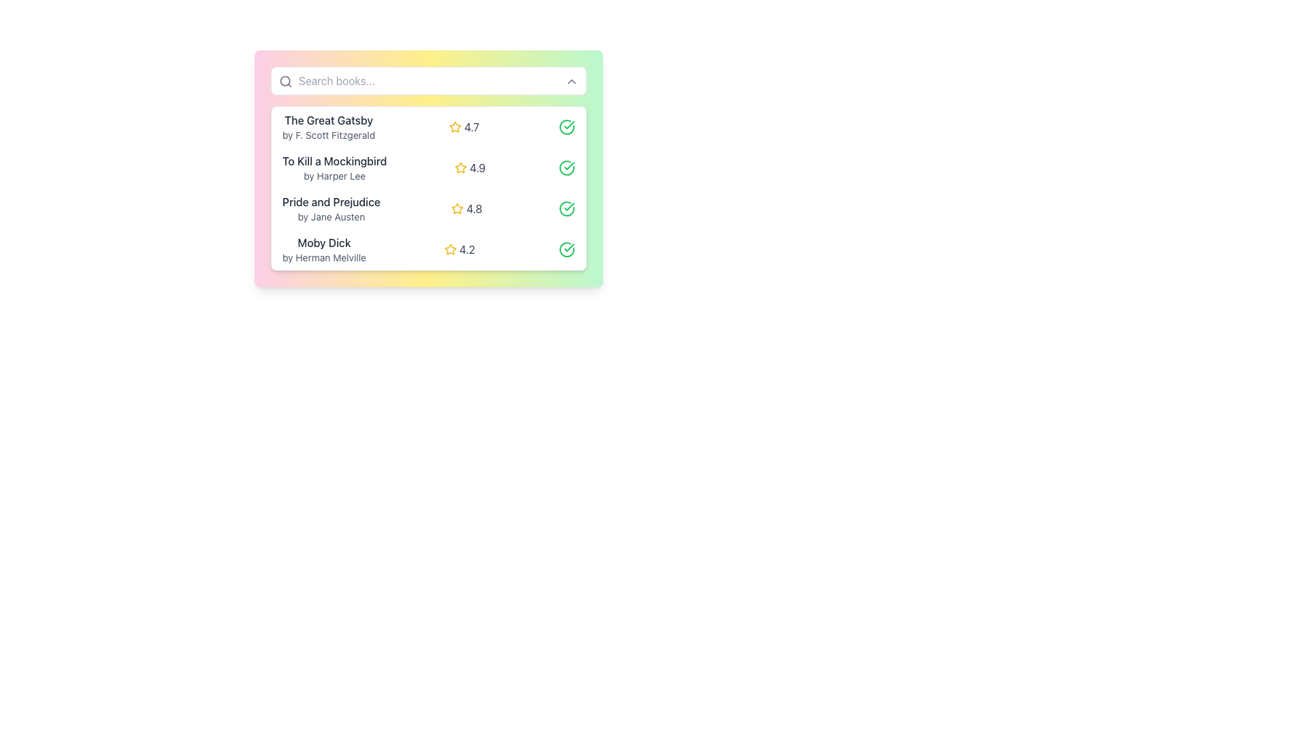  What do you see at coordinates (461, 167) in the screenshot?
I see `the yellow star icon representing the rating for the book 'To Kill a Mockingbird', located to the immediate left of the rating value '4.9'` at bounding box center [461, 167].